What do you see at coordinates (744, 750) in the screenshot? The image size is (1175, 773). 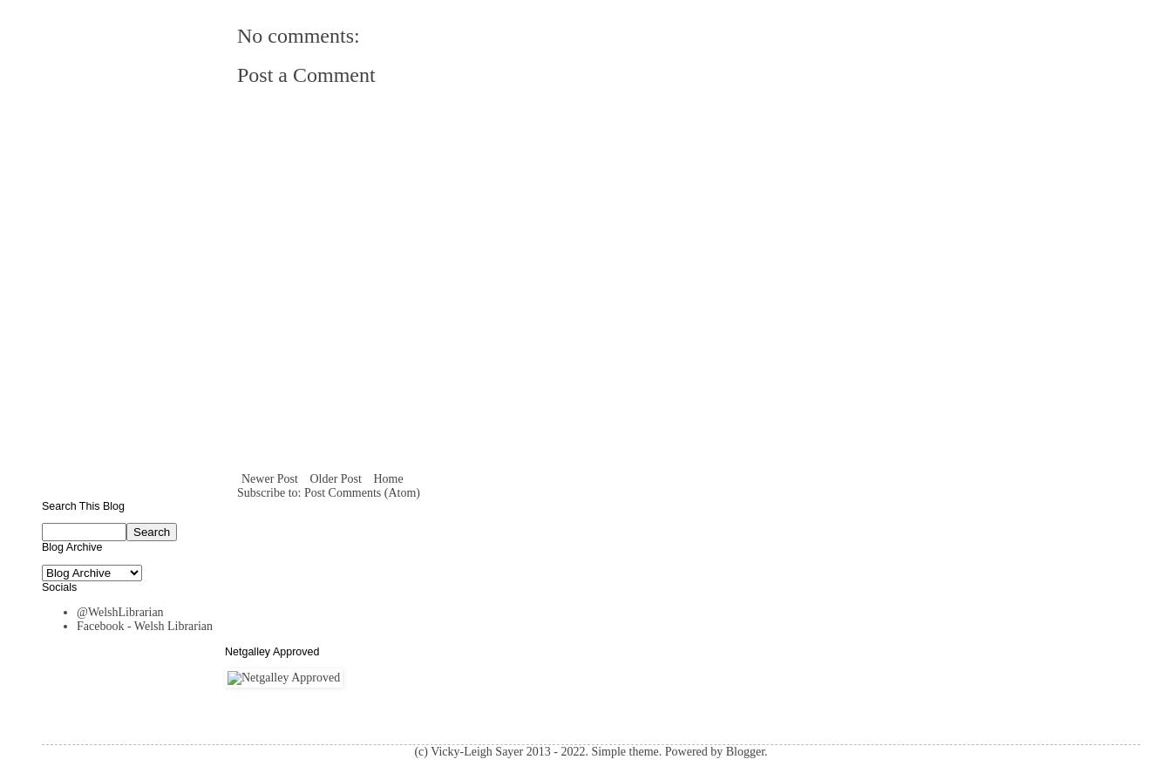 I see `'Blogger'` at bounding box center [744, 750].